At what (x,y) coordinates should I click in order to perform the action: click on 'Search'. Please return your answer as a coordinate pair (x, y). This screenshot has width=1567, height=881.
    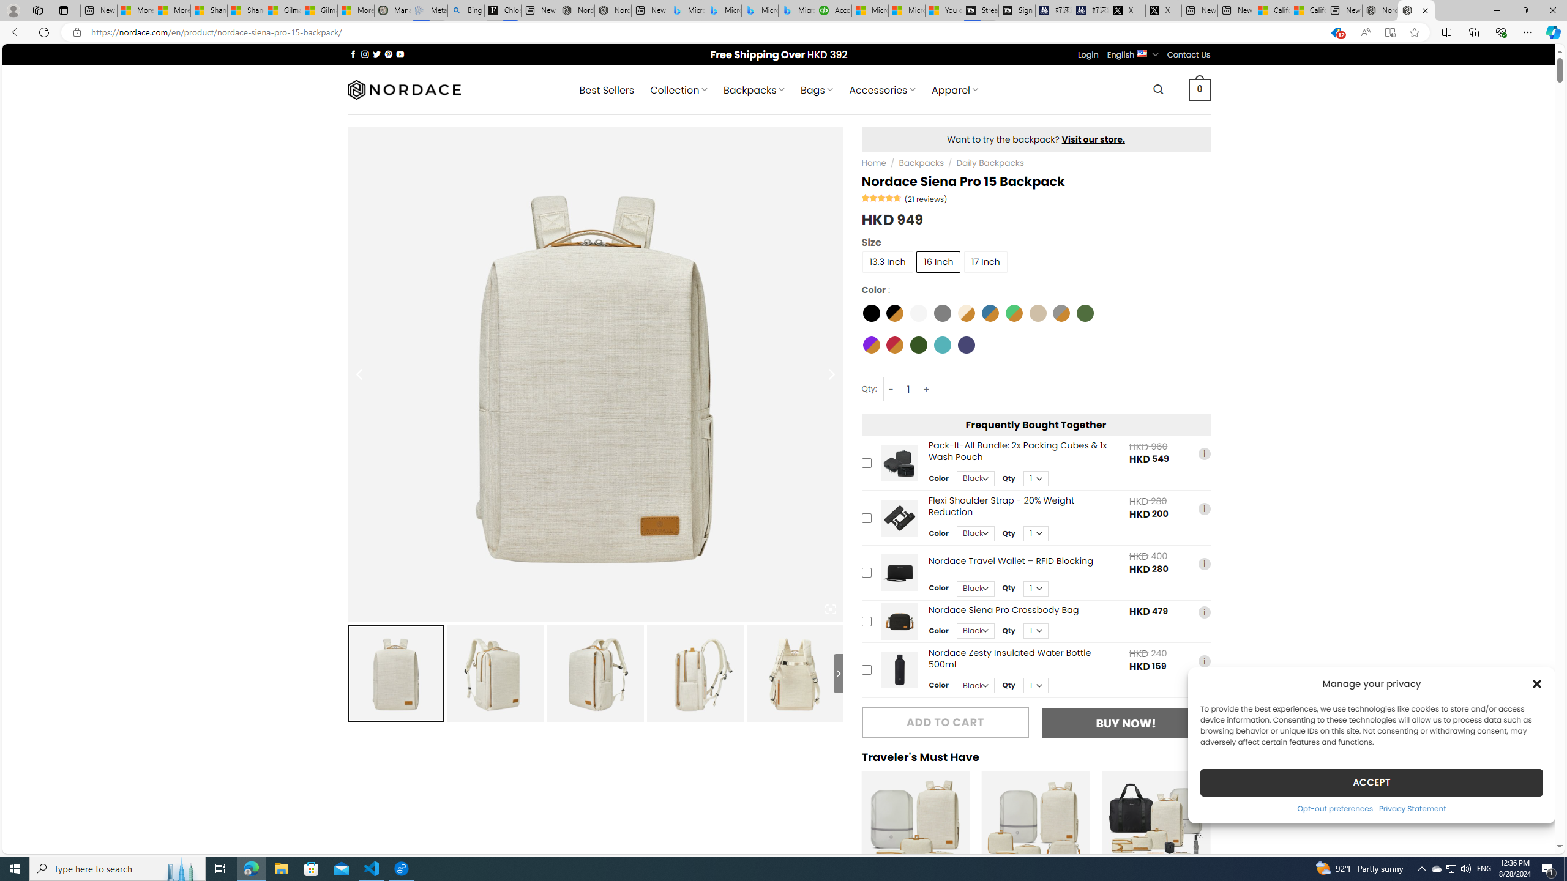
    Looking at the image, I should click on (1158, 89).